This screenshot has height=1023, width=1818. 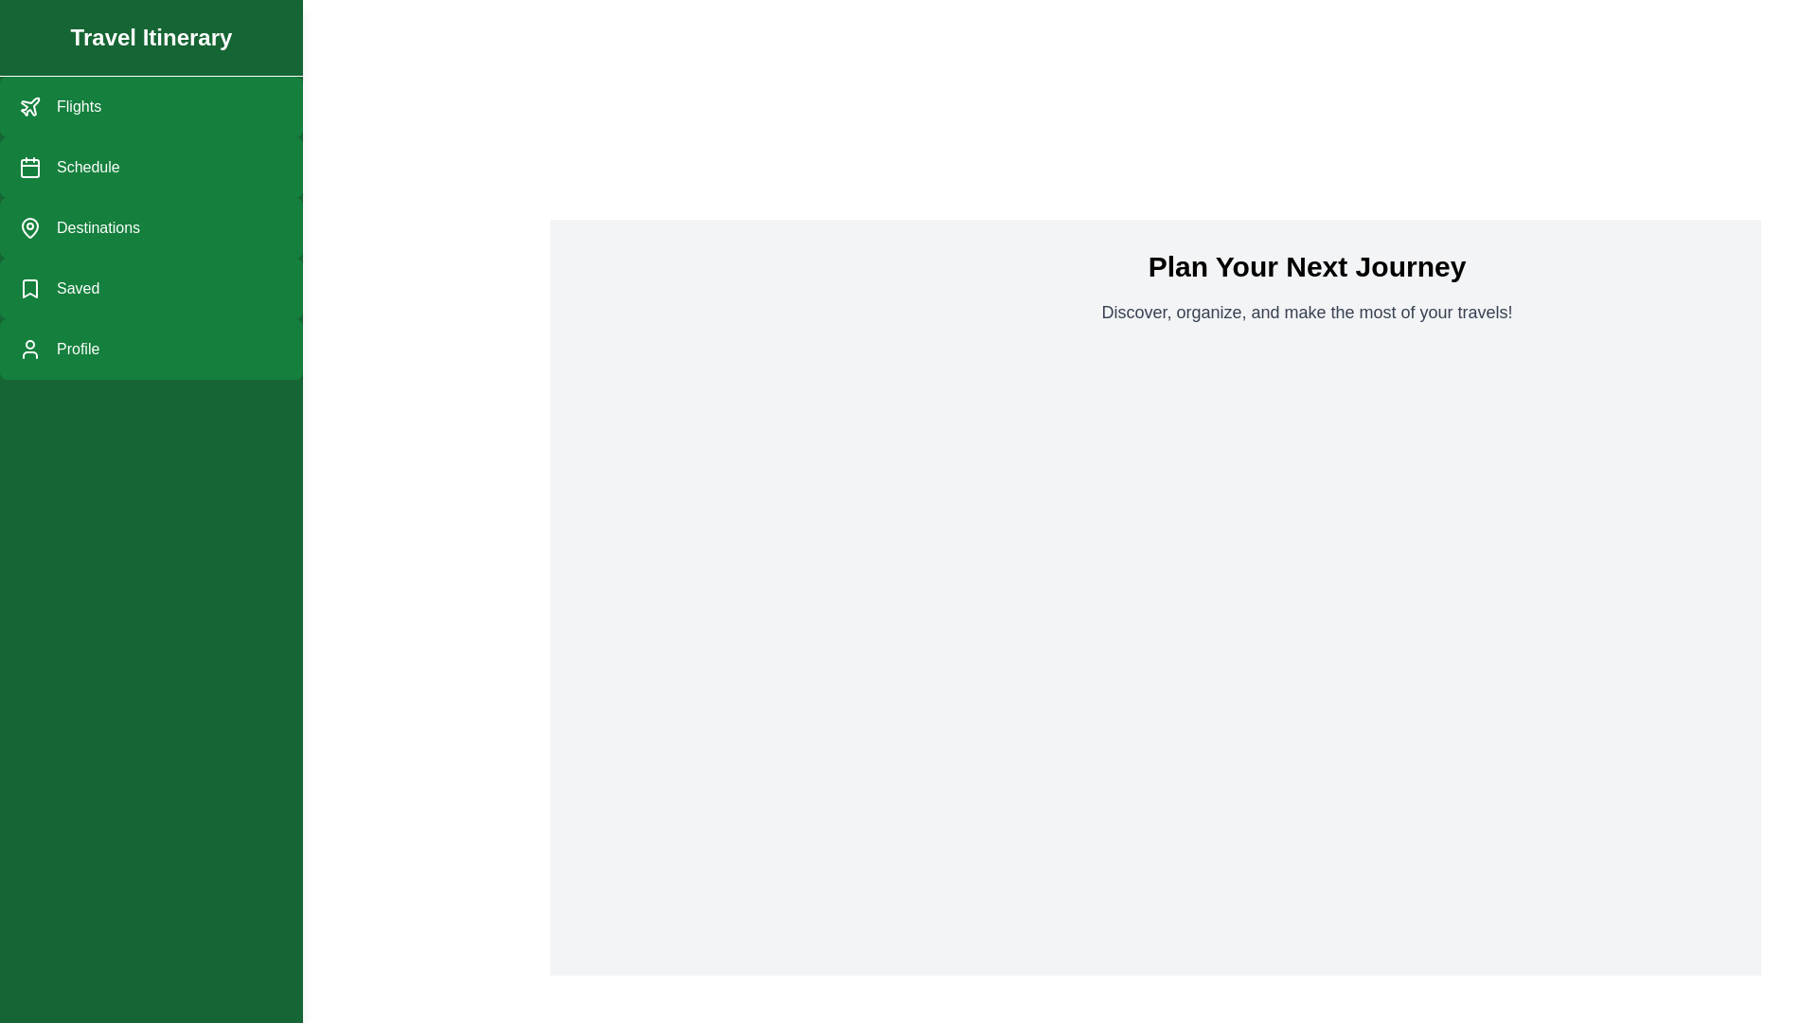 I want to click on the text element that reads 'Discover, organize, and make the most of your travels!', which is located beneath the header 'Plan Your Next Journey', so click(x=1306, y=312).